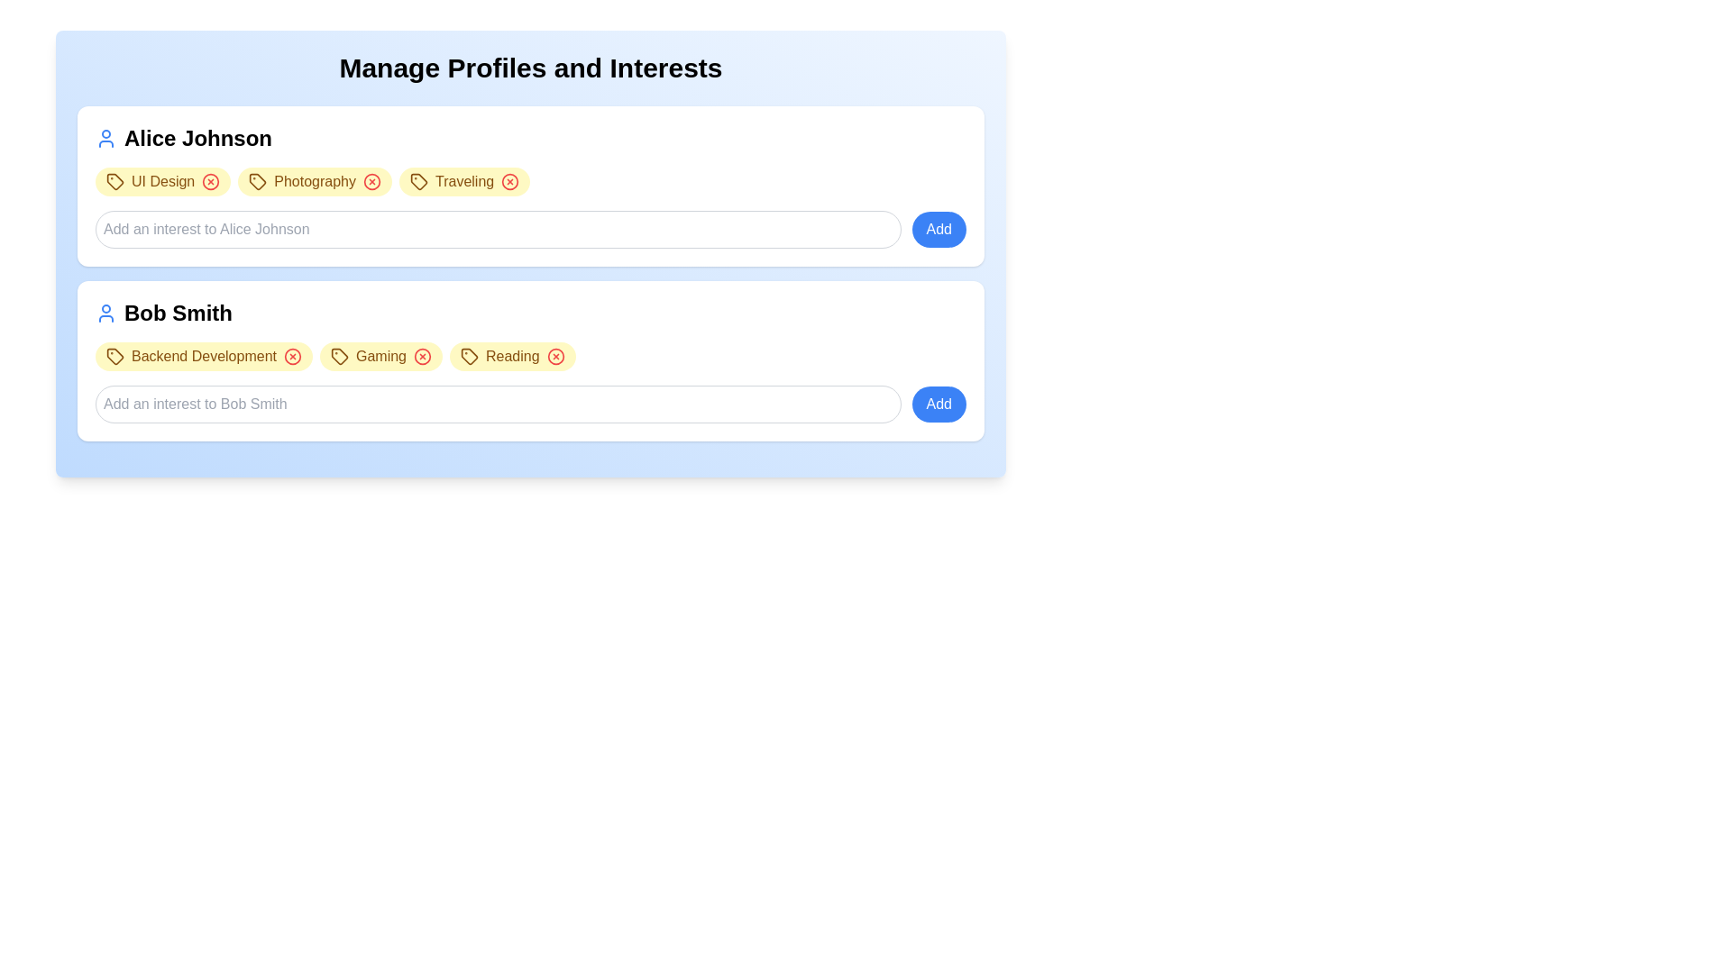 The width and height of the screenshot is (1731, 973). I want to click on the tag icon with a yellow background located in the second profile block titled 'Bob Smith', which is directly preceding the text 'Reading', so click(470, 357).